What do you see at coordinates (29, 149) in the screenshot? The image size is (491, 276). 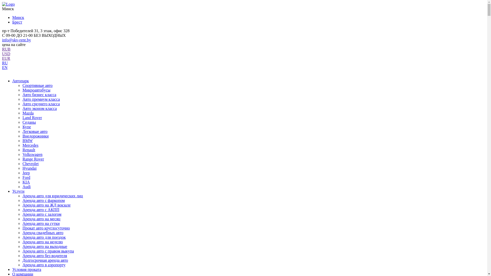 I see `'Renault'` at bounding box center [29, 149].